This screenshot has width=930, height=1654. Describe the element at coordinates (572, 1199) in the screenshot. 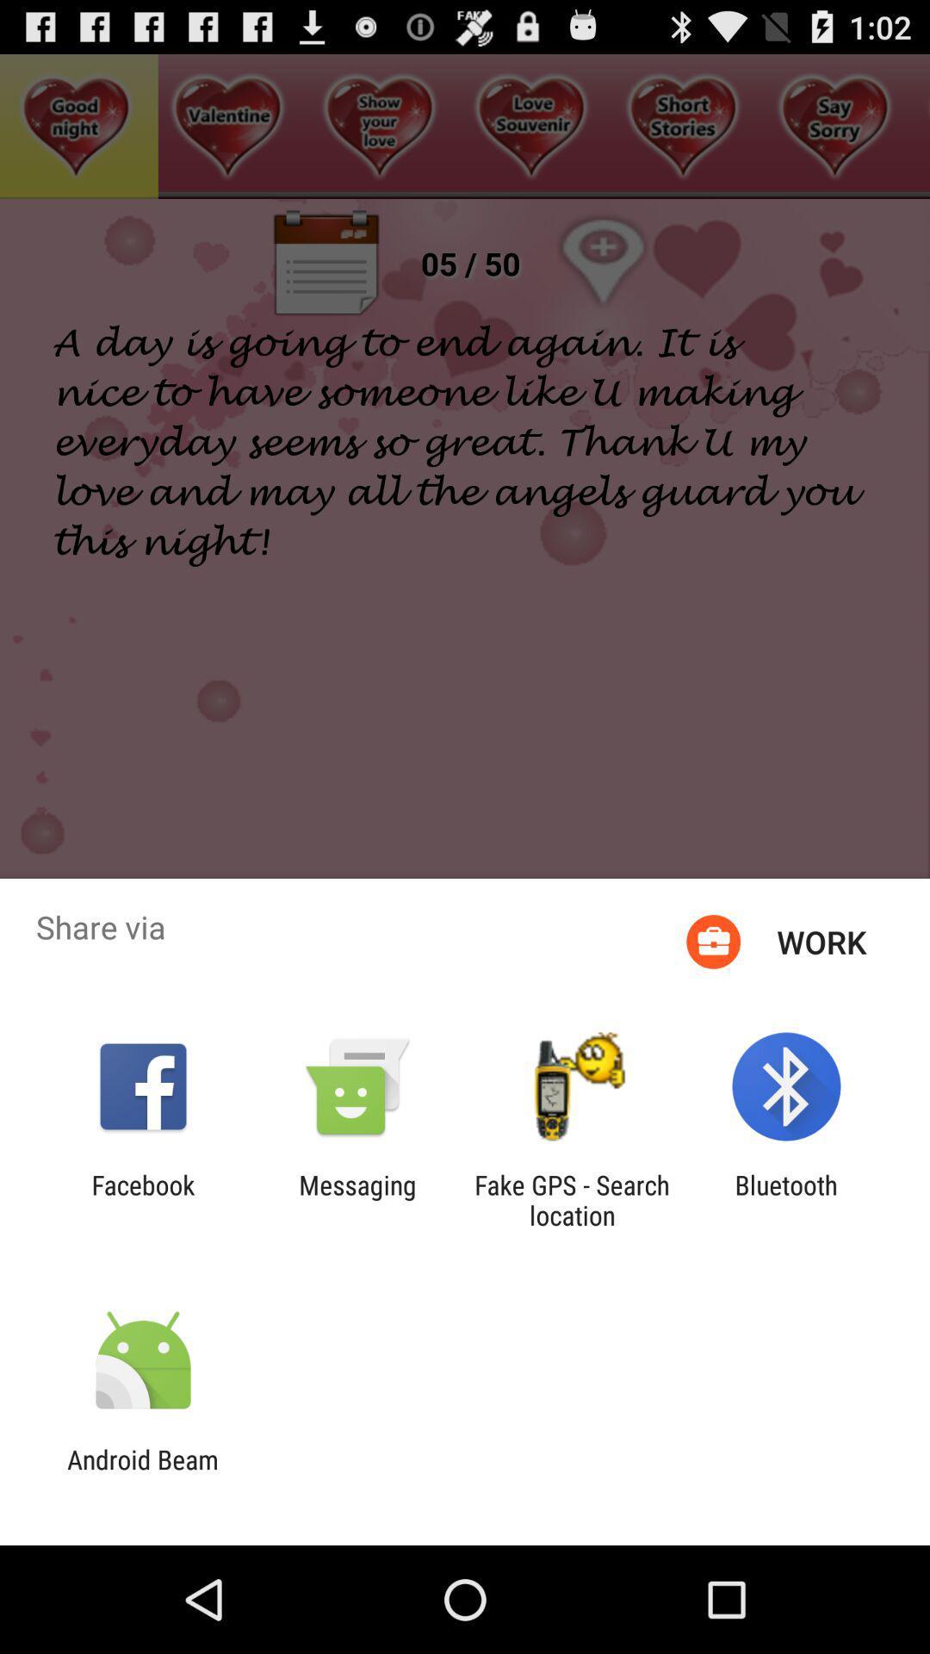

I see `item to the right of the messaging app` at that location.